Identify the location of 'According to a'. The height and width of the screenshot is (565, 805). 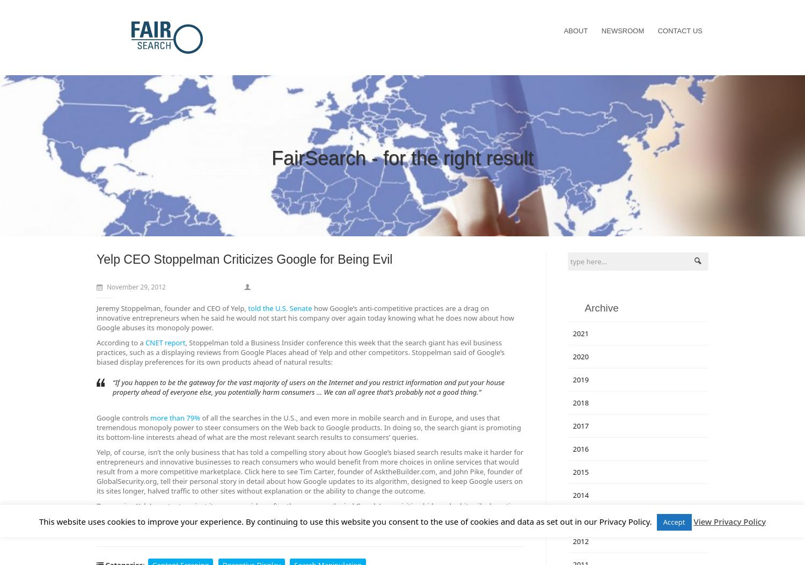
(97, 343).